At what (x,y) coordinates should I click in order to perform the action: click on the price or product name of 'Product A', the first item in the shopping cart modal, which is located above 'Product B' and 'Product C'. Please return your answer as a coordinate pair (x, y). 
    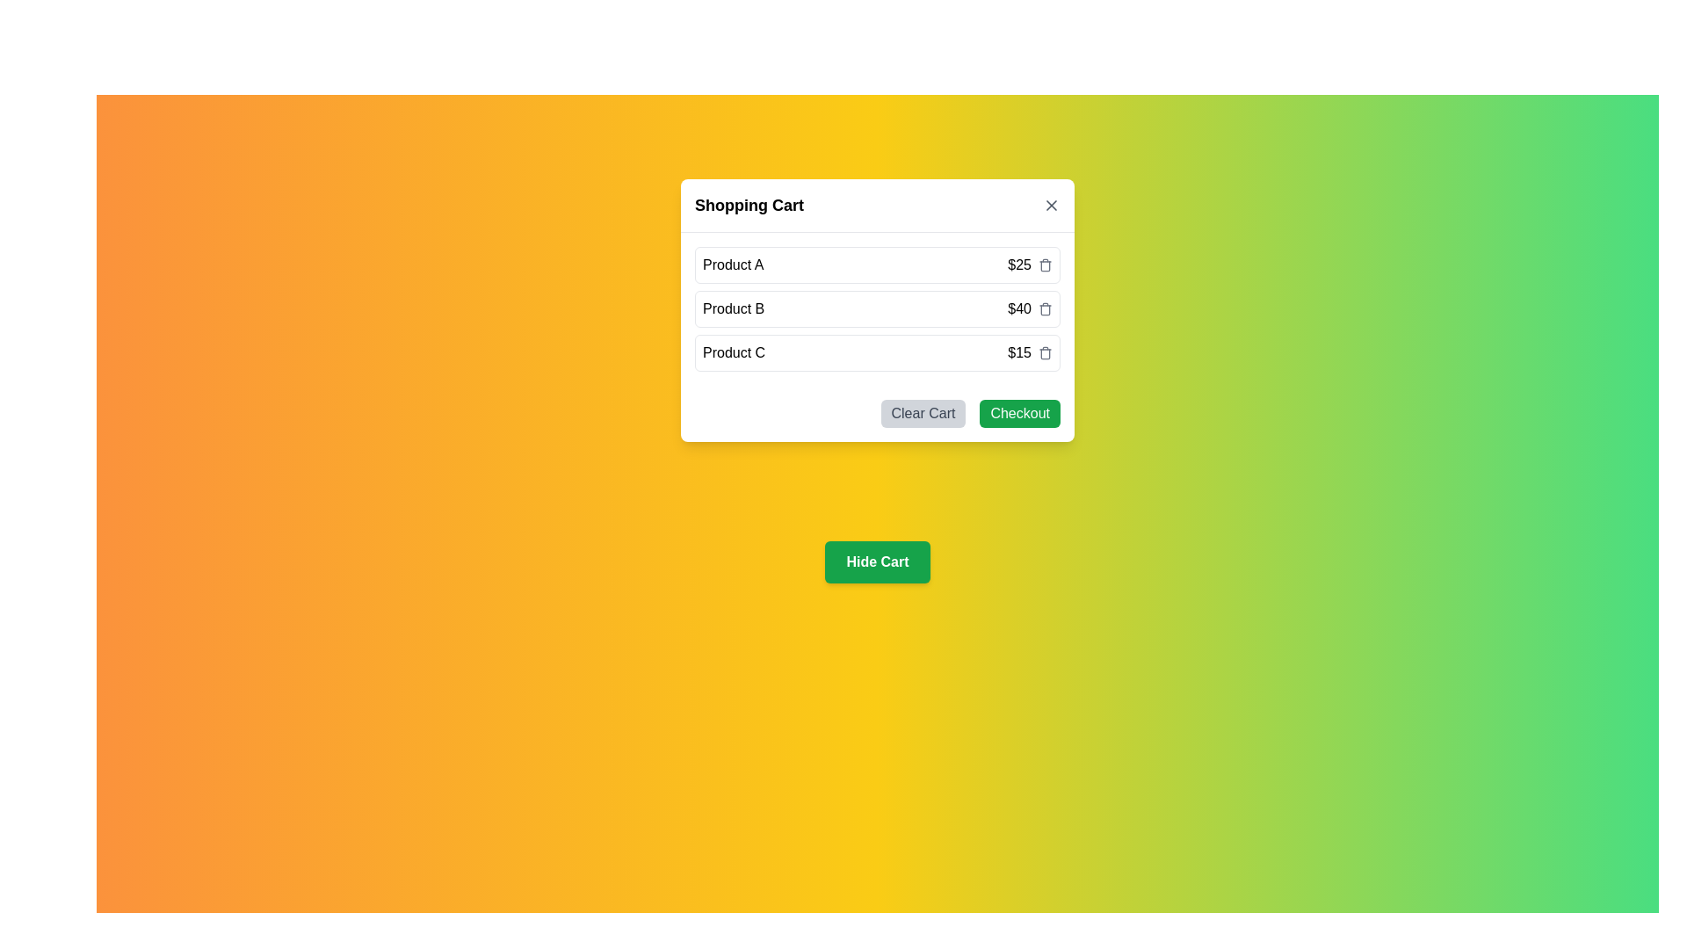
    Looking at the image, I should click on (877, 264).